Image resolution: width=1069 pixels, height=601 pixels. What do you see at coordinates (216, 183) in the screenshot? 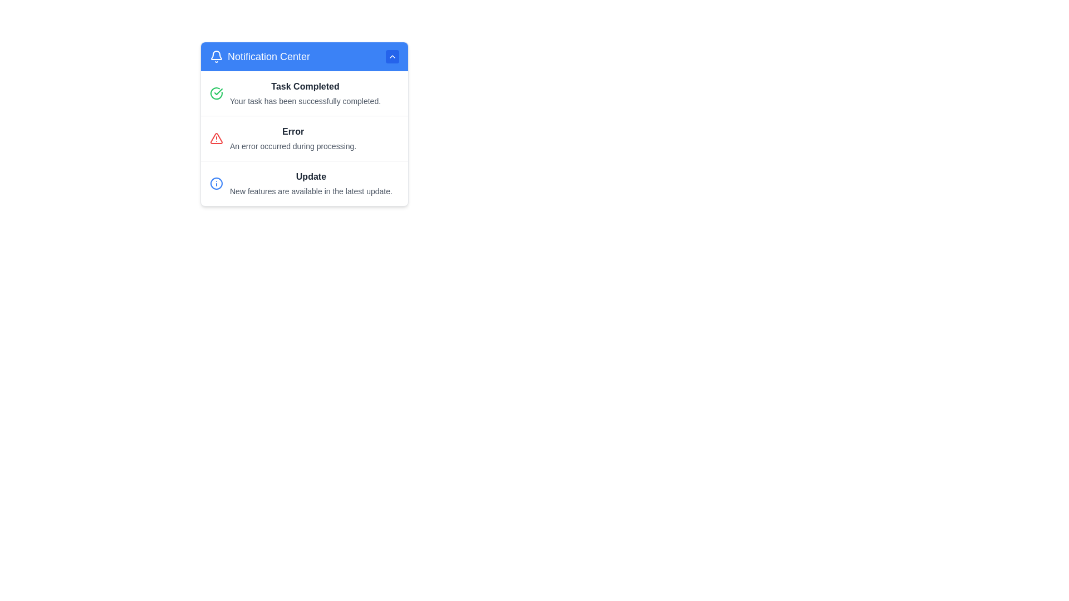
I see `the notification icon indicating an 'Update' event located` at bounding box center [216, 183].